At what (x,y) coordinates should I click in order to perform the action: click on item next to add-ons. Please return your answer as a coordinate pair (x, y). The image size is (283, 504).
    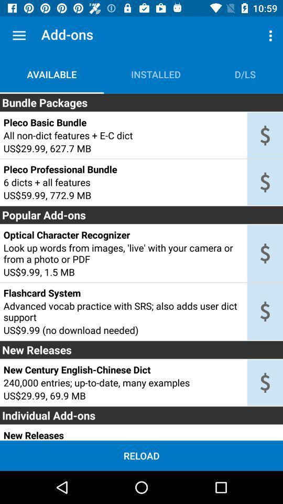
    Looking at the image, I should click on (19, 36).